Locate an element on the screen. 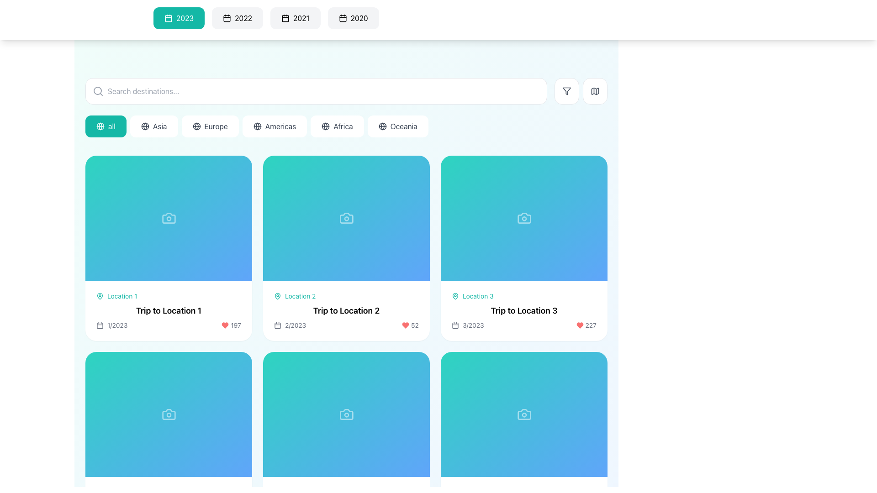 The width and height of the screenshot is (877, 493). the location icon that is situated to the left of the text 'Location 1' within the card for 'Trip to Location 1' is located at coordinates (100, 296).